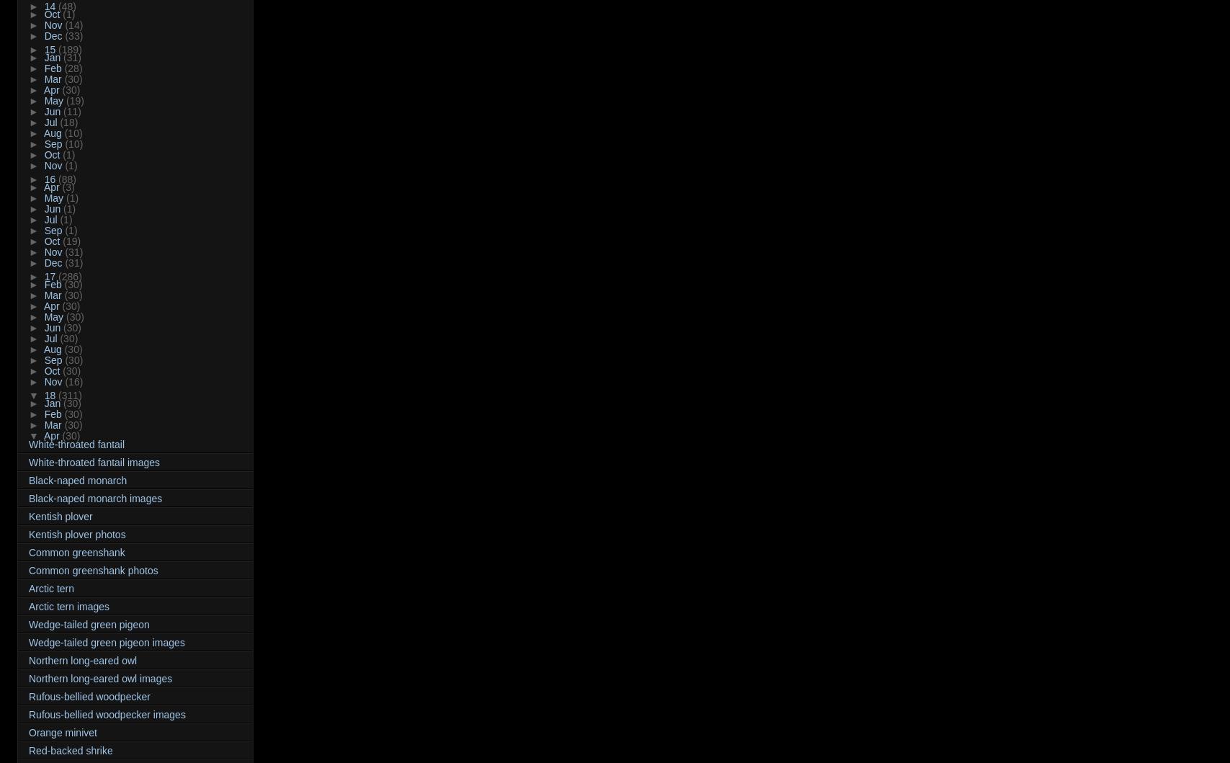  What do you see at coordinates (94, 462) in the screenshot?
I see `'White-throated fantail images'` at bounding box center [94, 462].